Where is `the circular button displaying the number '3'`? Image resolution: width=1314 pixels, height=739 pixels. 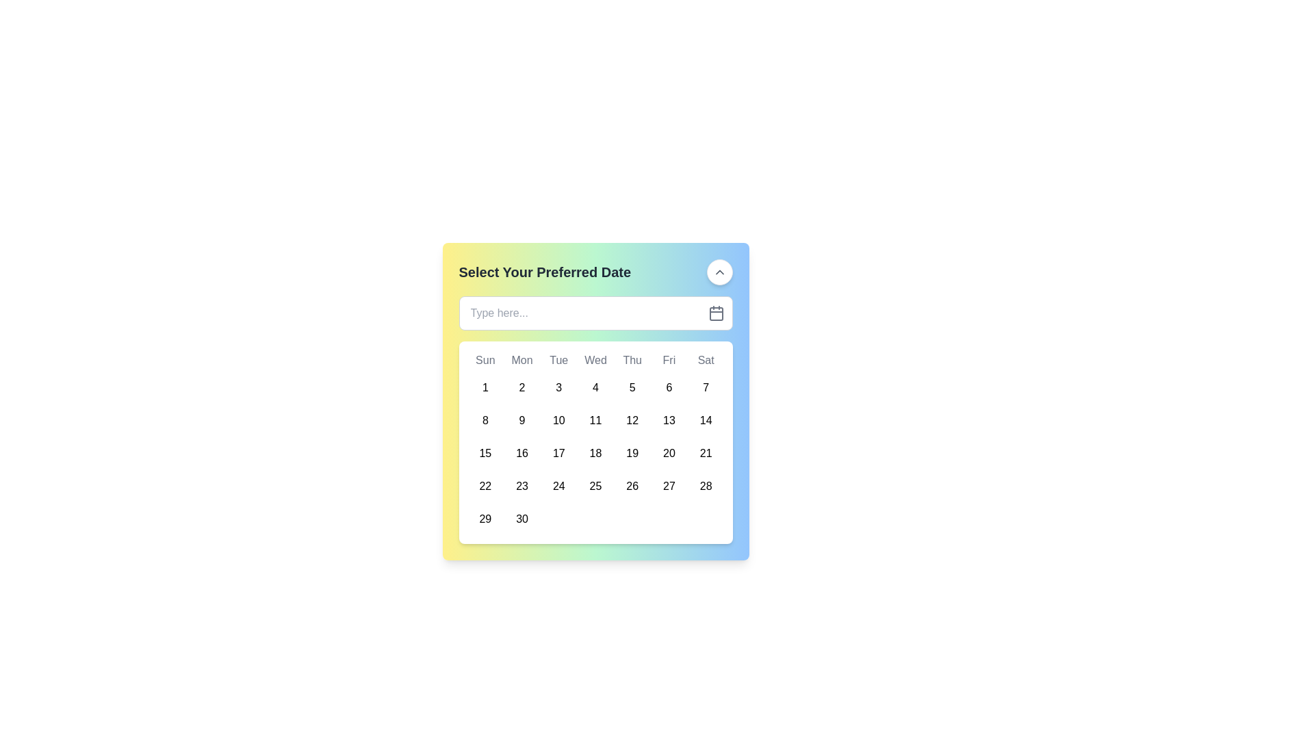
the circular button displaying the number '3' is located at coordinates (558, 388).